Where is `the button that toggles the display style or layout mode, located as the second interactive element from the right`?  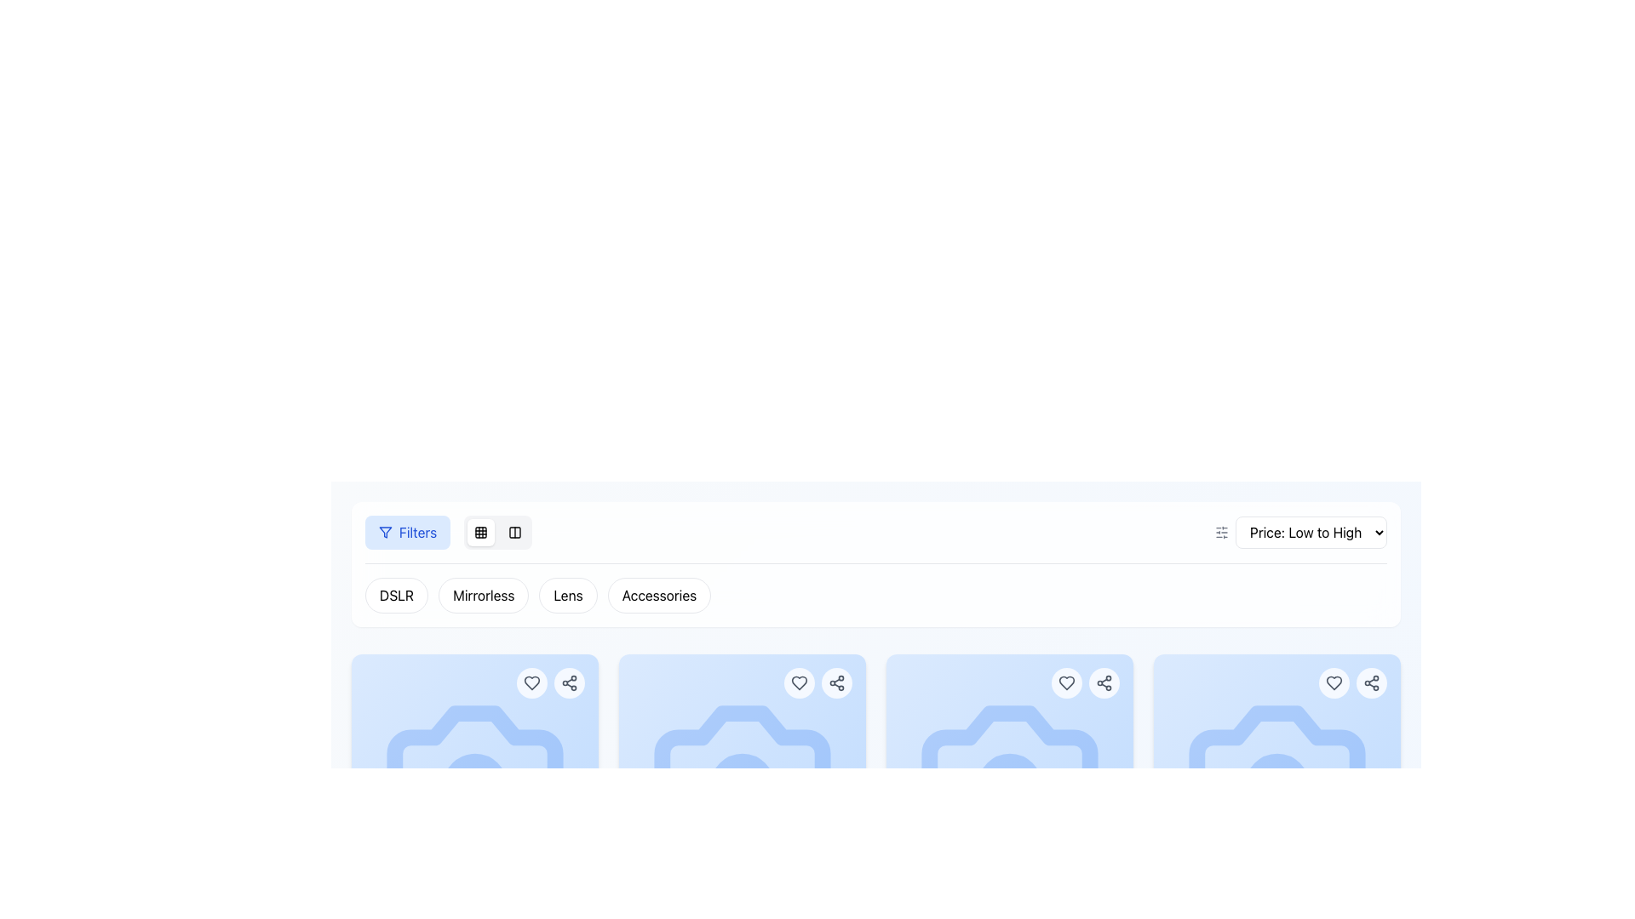
the button that toggles the display style or layout mode, located as the second interactive element from the right is located at coordinates (514, 531).